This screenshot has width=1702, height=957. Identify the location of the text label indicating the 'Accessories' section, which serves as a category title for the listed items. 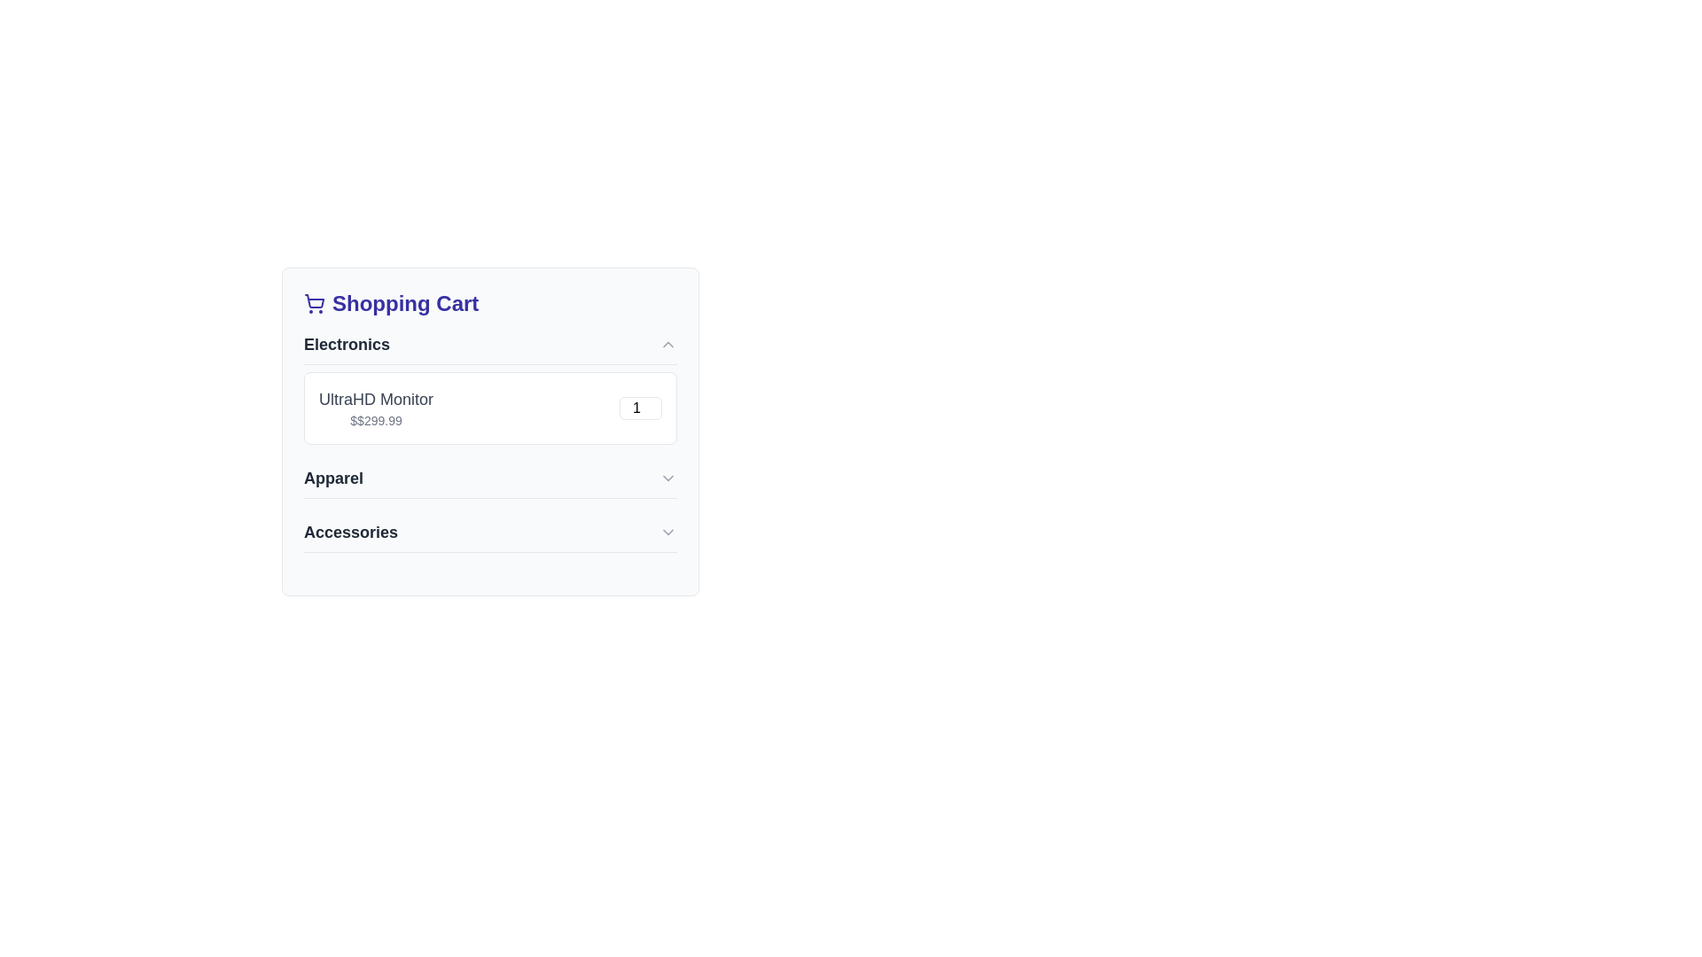
(351, 532).